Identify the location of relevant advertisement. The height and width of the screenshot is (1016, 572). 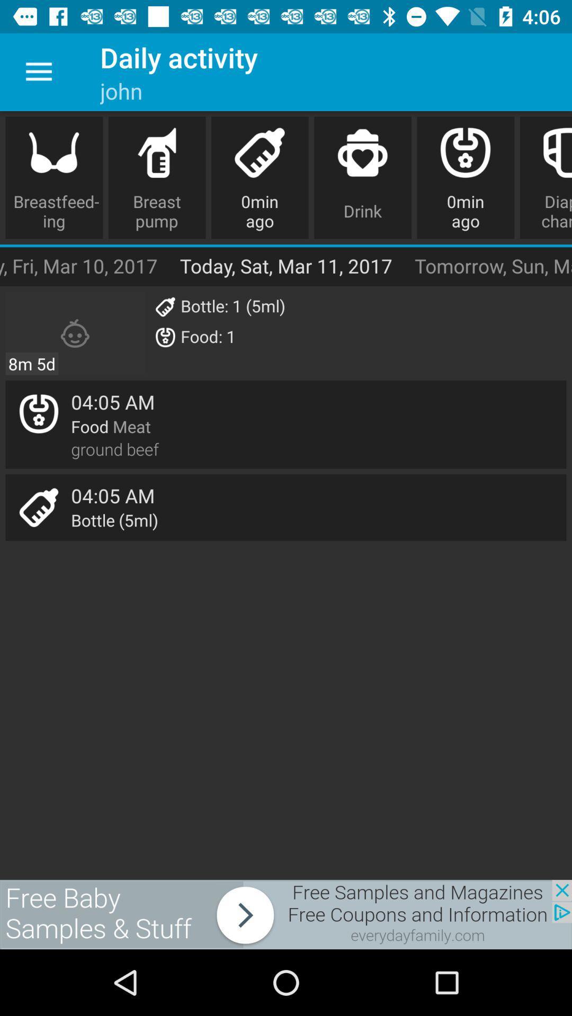
(286, 914).